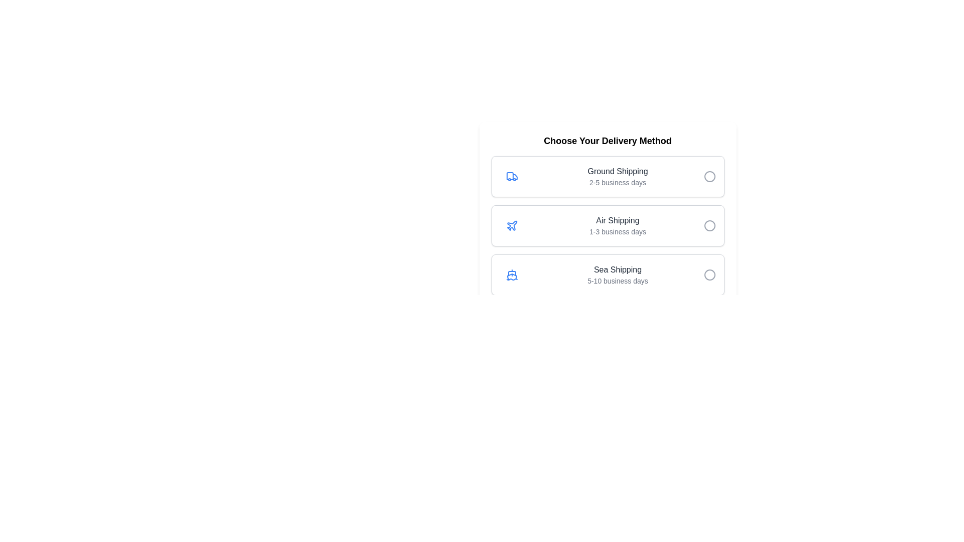 Image resolution: width=964 pixels, height=542 pixels. What do you see at coordinates (512, 176) in the screenshot?
I see `the decorative icon representing the 'Ground Shipping' option, which is located in the leftmost position adjacent to the label text` at bounding box center [512, 176].